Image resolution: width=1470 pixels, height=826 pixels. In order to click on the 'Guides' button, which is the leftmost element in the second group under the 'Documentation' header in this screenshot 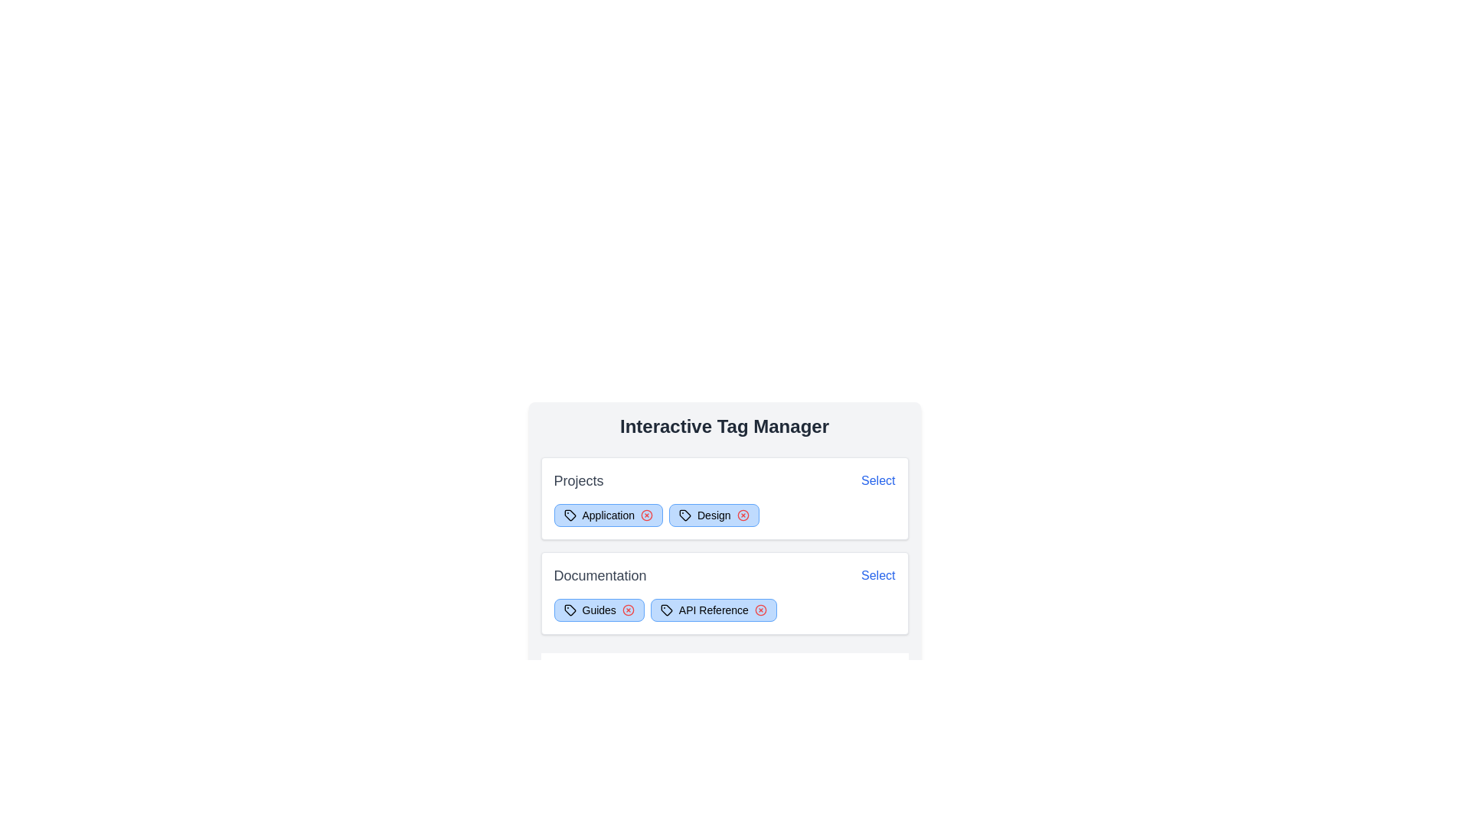, I will do `click(598, 610)`.